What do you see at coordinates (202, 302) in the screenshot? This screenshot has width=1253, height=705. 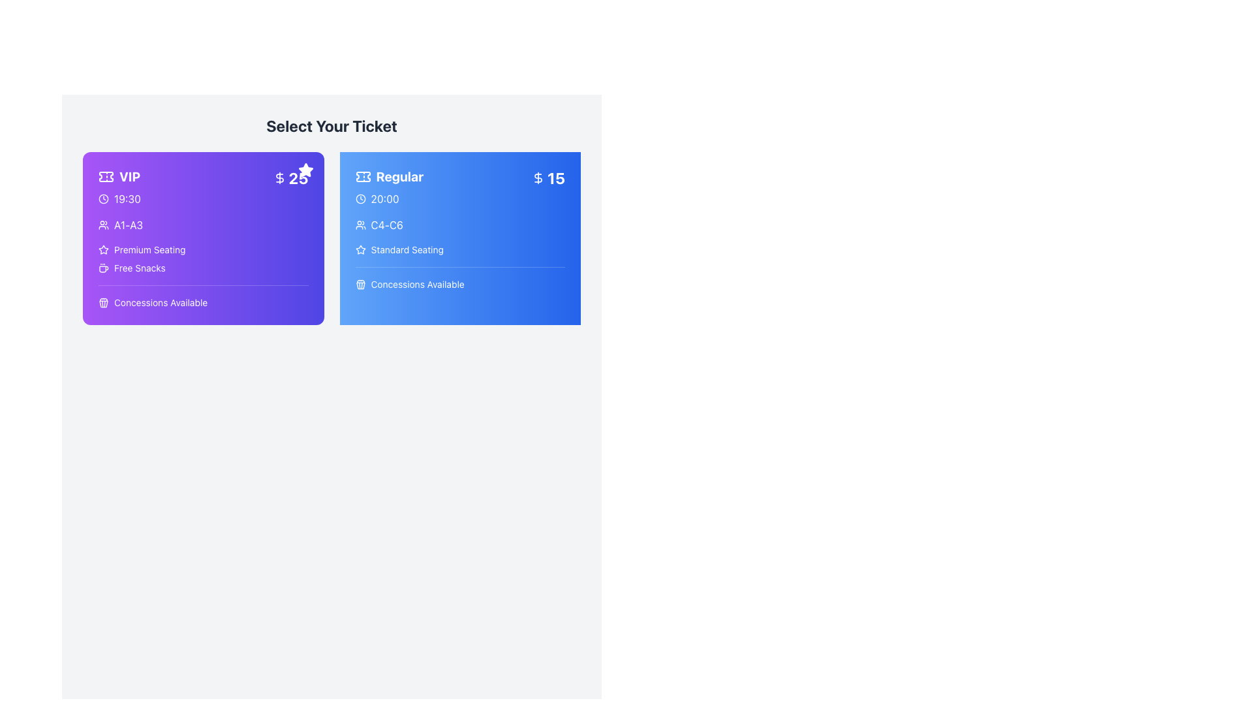 I see `the 'Concessions' Label with Icon located below the VIP ticket section` at bounding box center [202, 302].